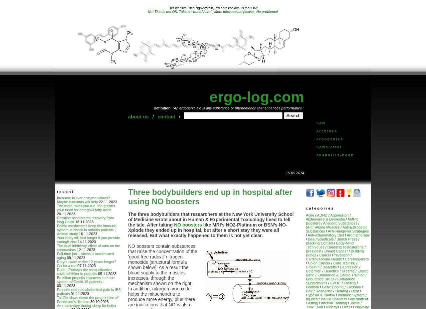 Image resolution: width=426 pixels, height=309 pixels. What do you see at coordinates (303, 108) in the screenshot?
I see `'"'` at bounding box center [303, 108].